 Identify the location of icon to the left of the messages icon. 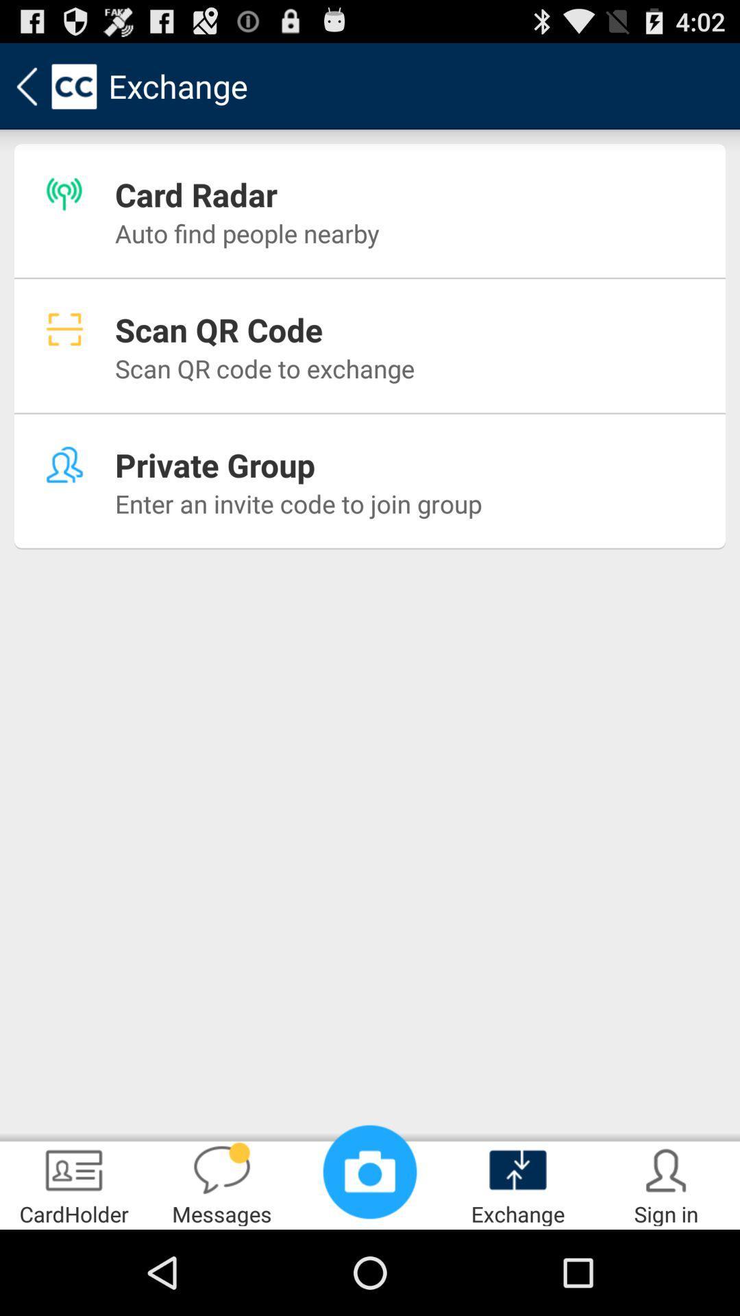
(74, 1183).